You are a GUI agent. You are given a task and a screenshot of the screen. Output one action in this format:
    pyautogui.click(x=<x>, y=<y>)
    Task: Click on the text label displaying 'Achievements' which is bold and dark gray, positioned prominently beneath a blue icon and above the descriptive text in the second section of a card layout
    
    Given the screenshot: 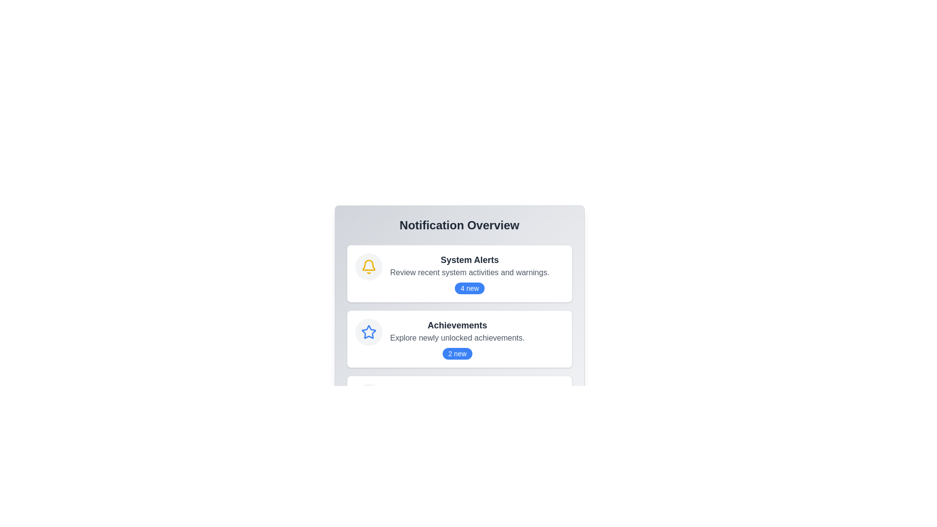 What is the action you would take?
    pyautogui.click(x=457, y=325)
    